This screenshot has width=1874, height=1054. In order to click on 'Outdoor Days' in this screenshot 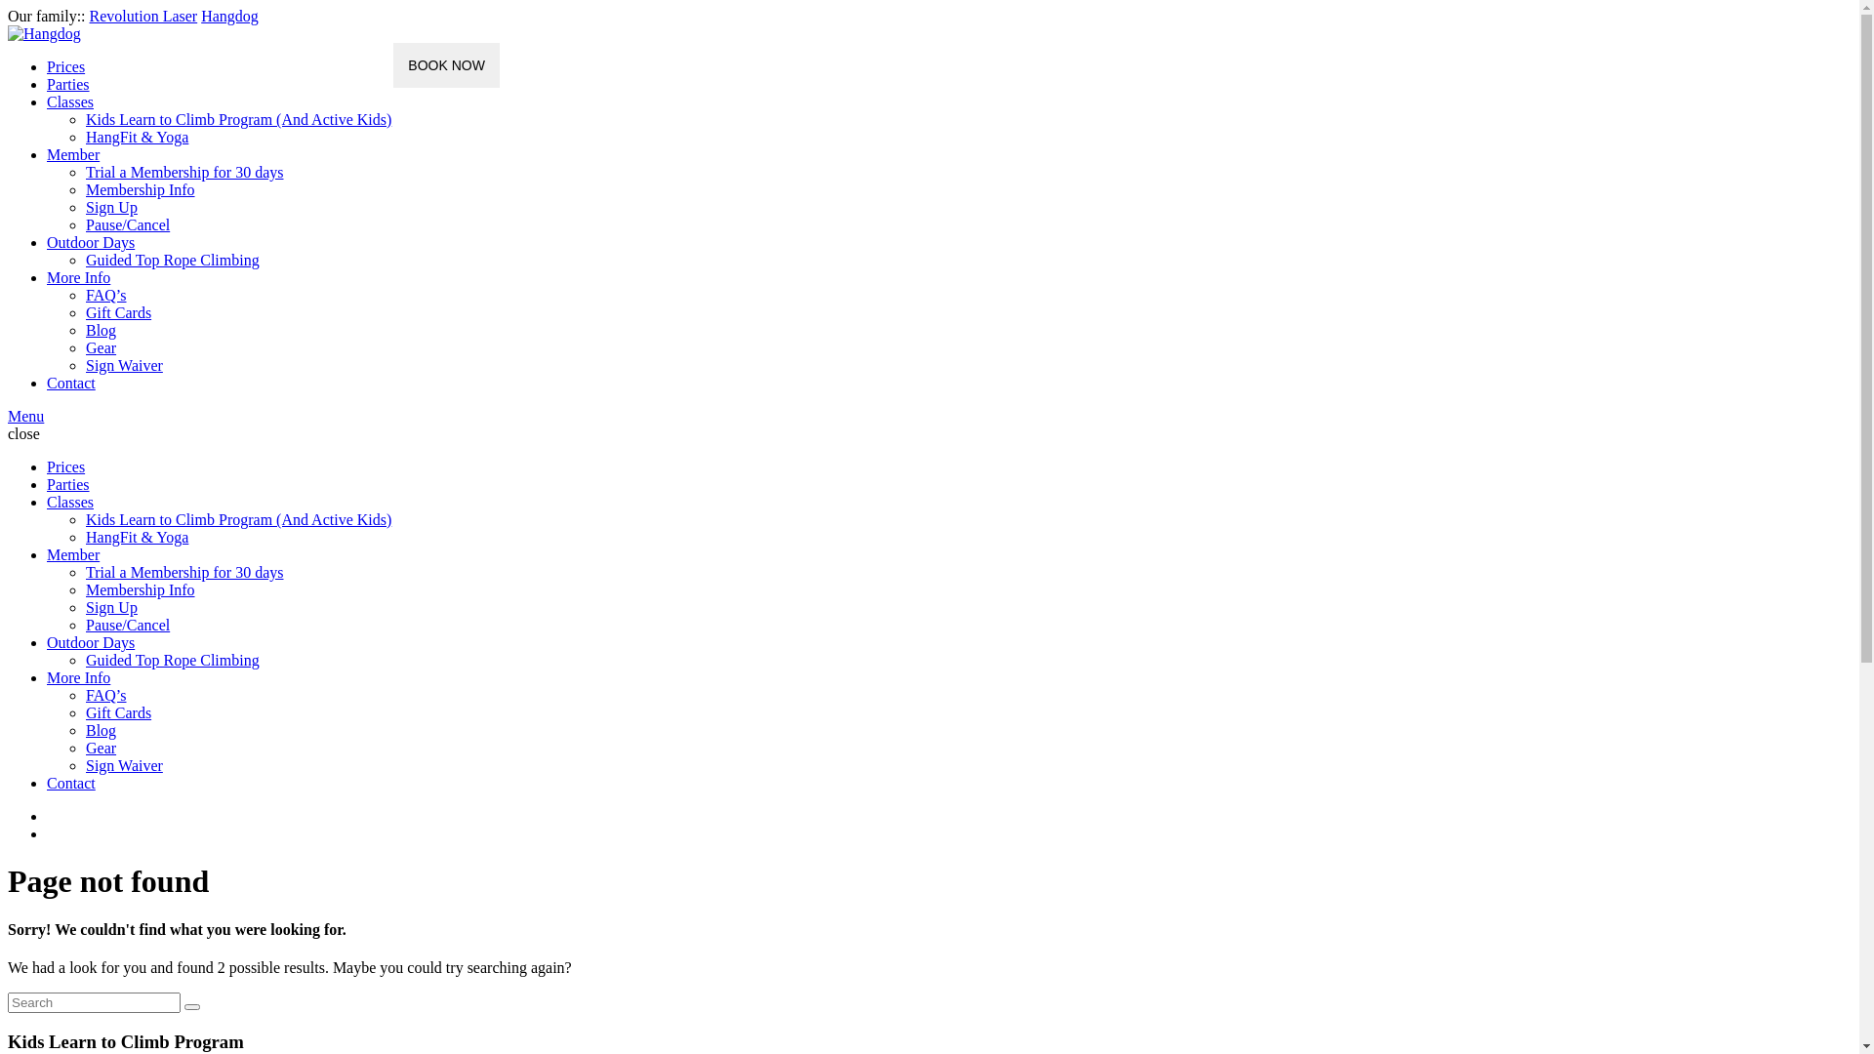, I will do `click(89, 642)`.